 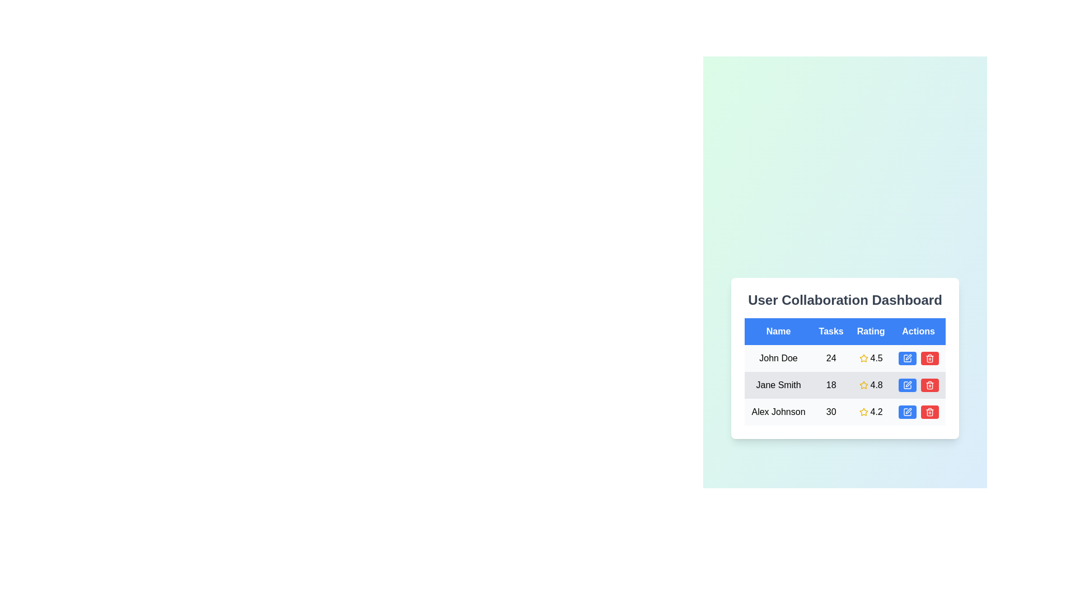 What do you see at coordinates (778, 412) in the screenshot?
I see `the Text label displaying the user's name in the first column of the third row in the collaboration dashboard table` at bounding box center [778, 412].